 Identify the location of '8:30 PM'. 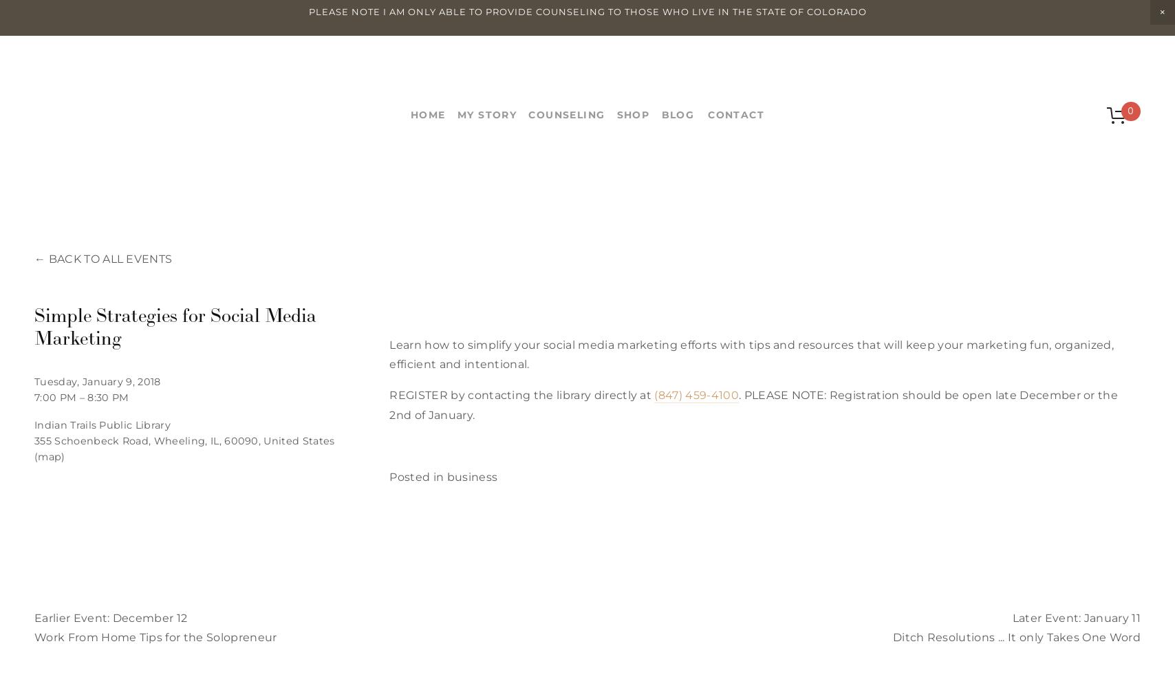
(107, 396).